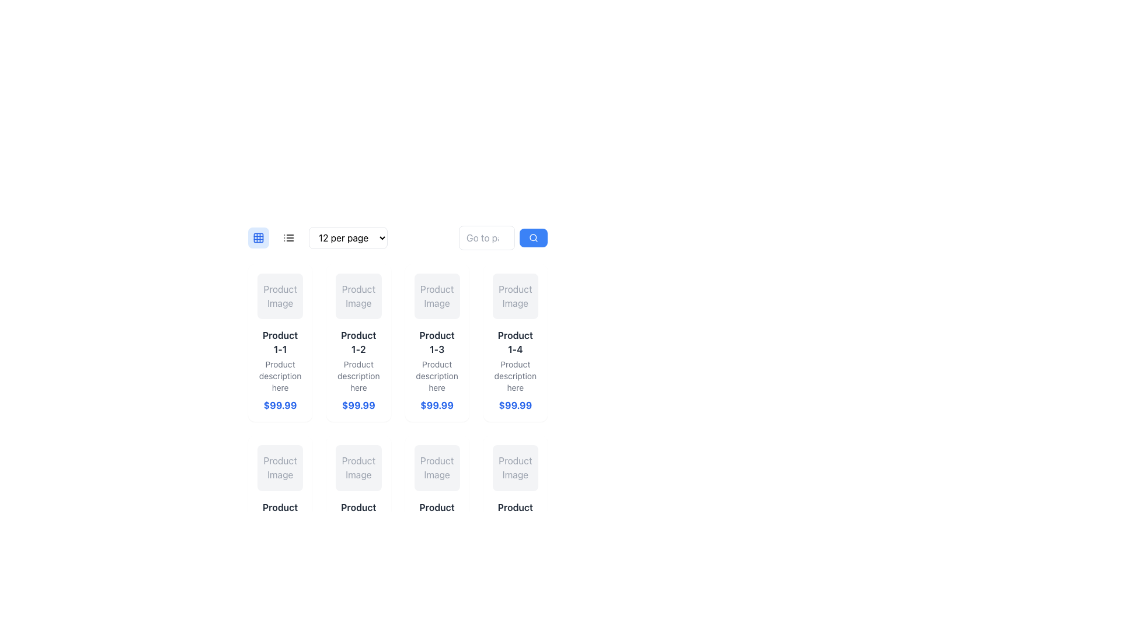  What do you see at coordinates (398, 354) in the screenshot?
I see `on the third product card labeled 'Product 1-3'` at bounding box center [398, 354].